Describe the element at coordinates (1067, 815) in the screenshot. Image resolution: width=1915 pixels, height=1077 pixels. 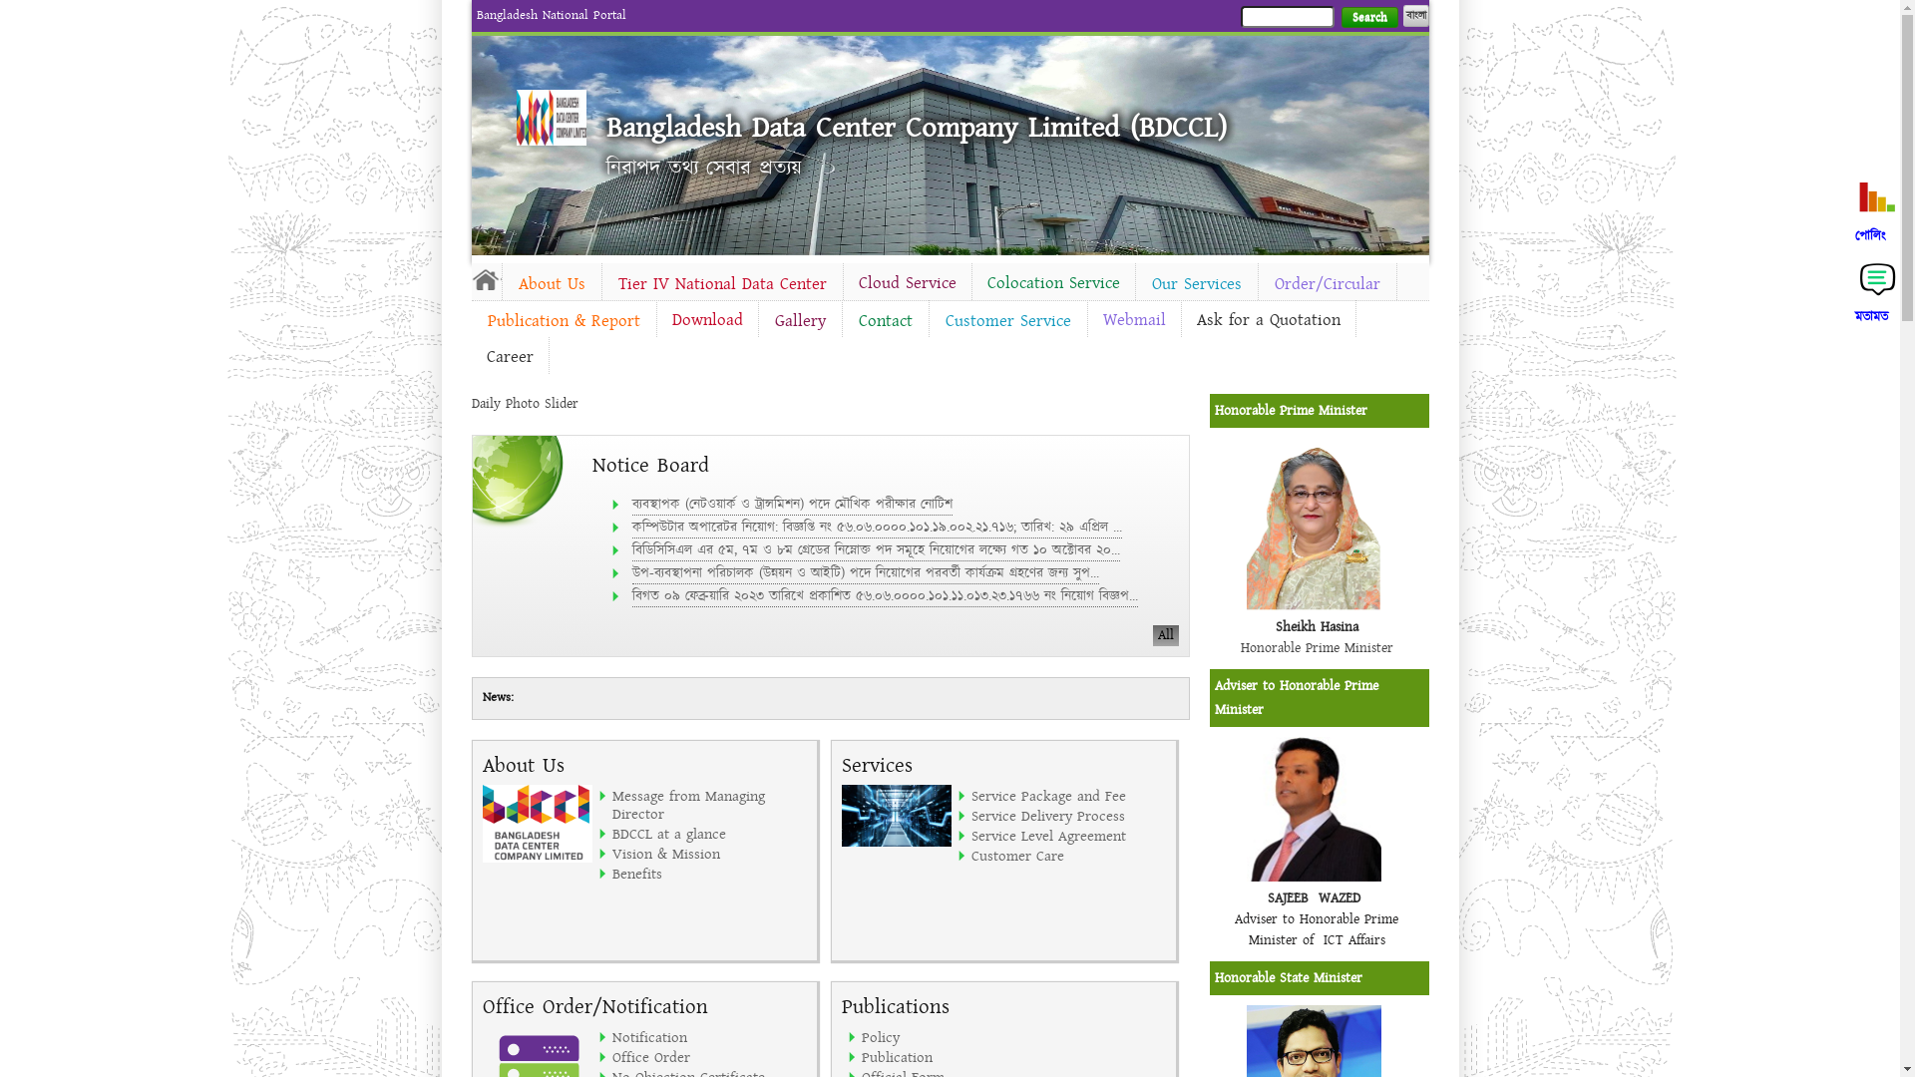
I see `'Service Delivery Process'` at that location.